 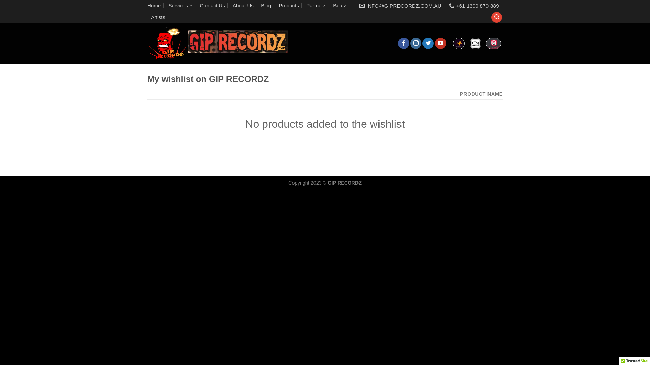 I want to click on 'Contact Us', so click(x=212, y=5).